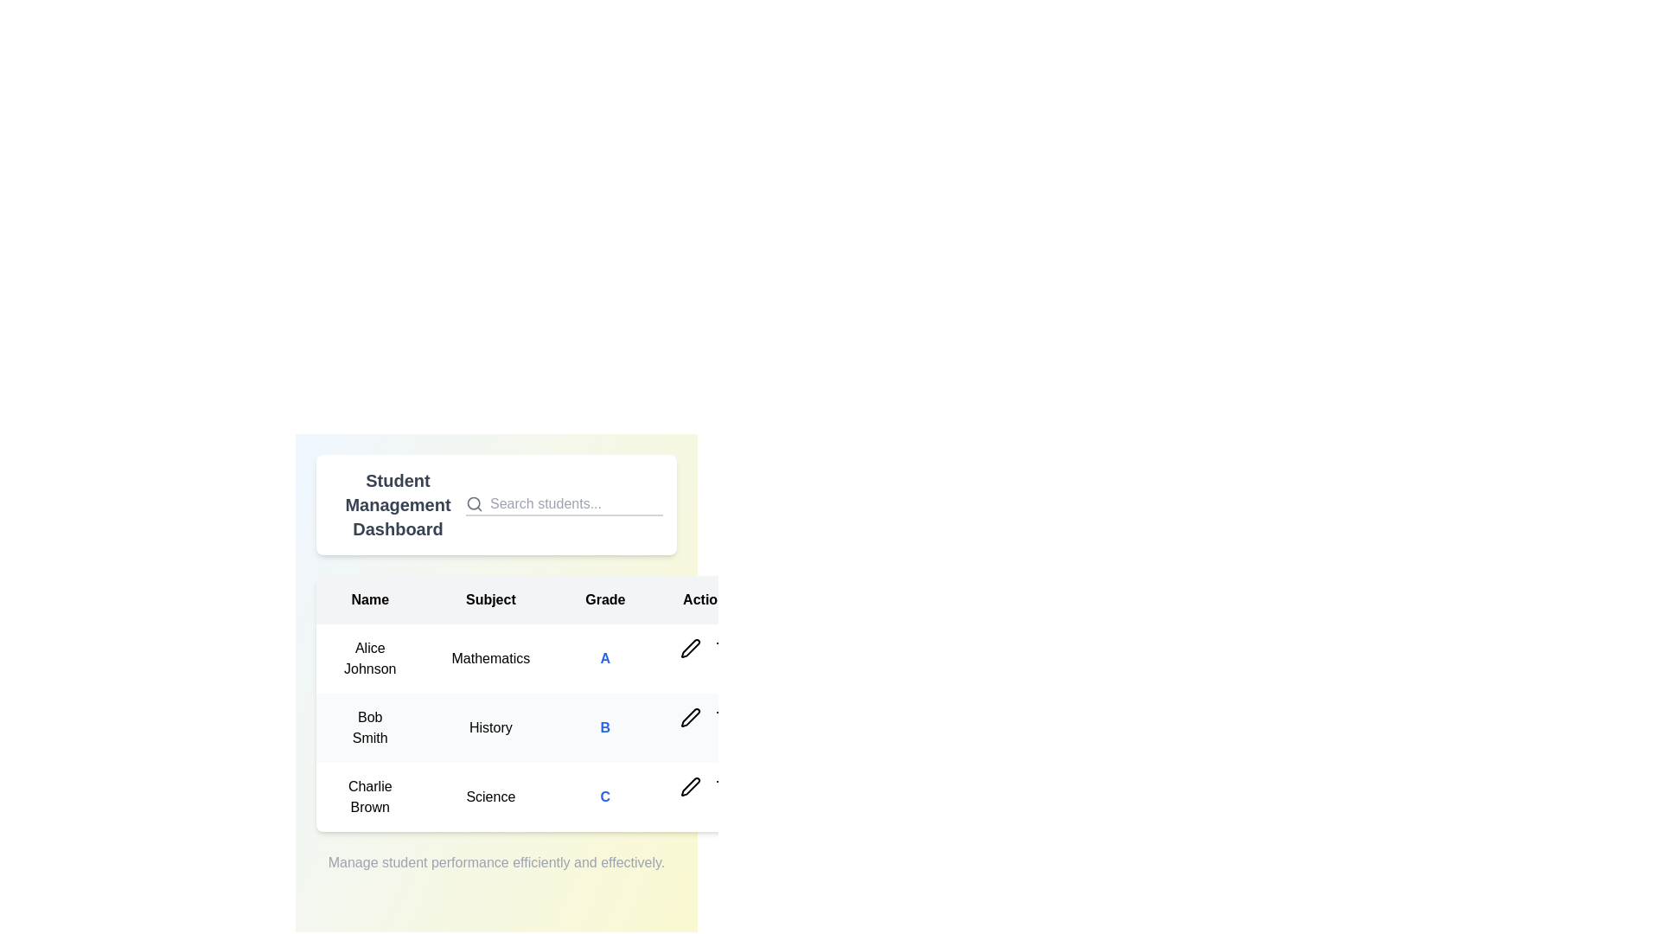 The height and width of the screenshot is (934, 1660). What do you see at coordinates (474, 503) in the screenshot?
I see `the search icon that visually denotes the search functionality, located to the left of the 'Search students...' input field` at bounding box center [474, 503].